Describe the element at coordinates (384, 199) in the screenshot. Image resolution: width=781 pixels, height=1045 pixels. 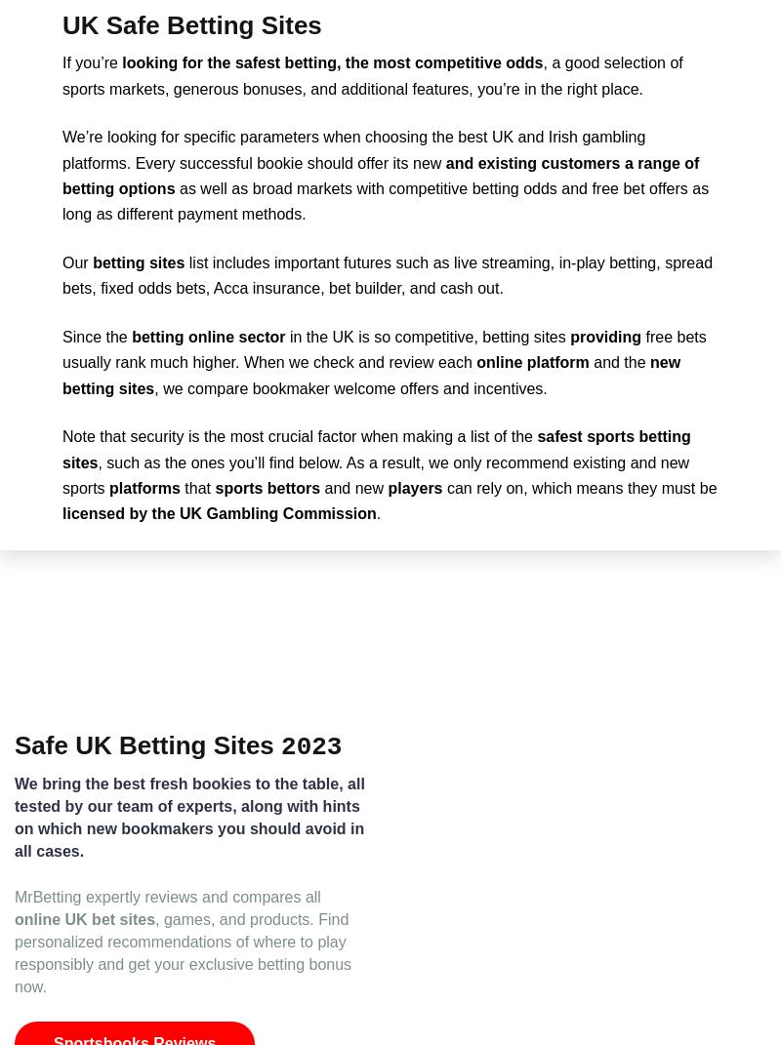
I see `'as well as broad markets with competitive betting odds and free bet offers as long as different payment methods.'` at that location.